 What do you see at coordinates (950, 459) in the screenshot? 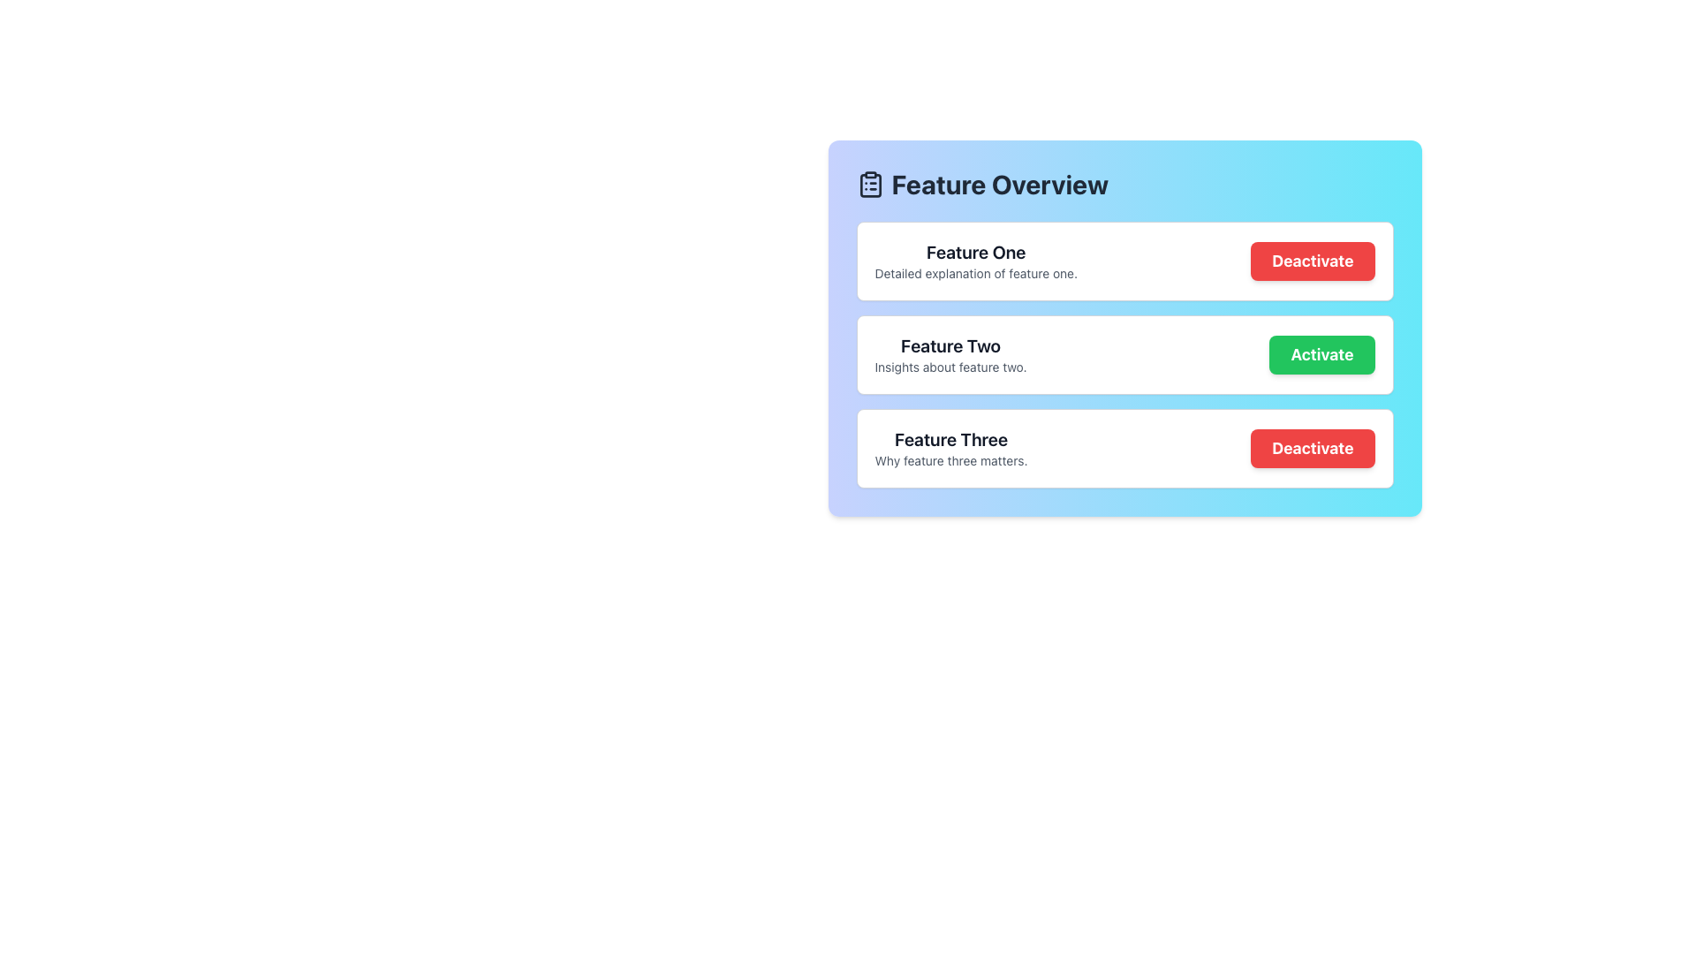
I see `the text label that reads 'Why feature three matters.' which is positioned directly beneath the header 'Feature Three'` at bounding box center [950, 459].